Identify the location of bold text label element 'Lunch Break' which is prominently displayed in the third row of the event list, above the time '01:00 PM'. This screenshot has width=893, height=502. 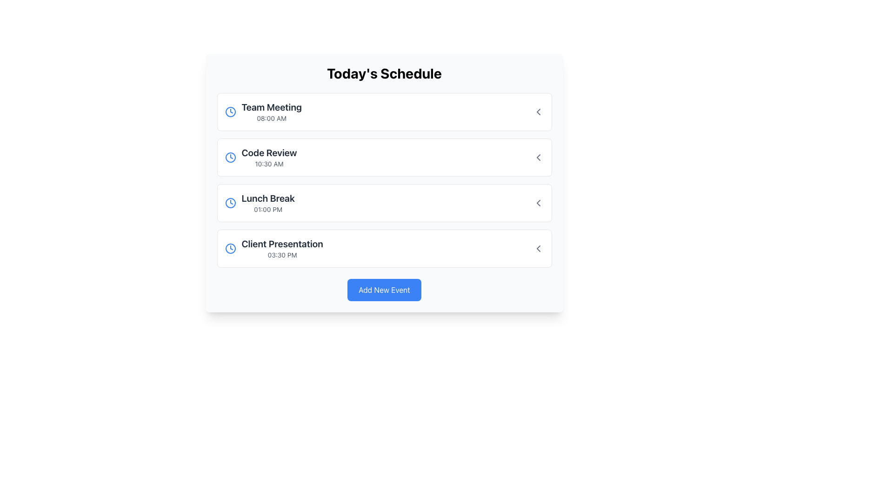
(267, 198).